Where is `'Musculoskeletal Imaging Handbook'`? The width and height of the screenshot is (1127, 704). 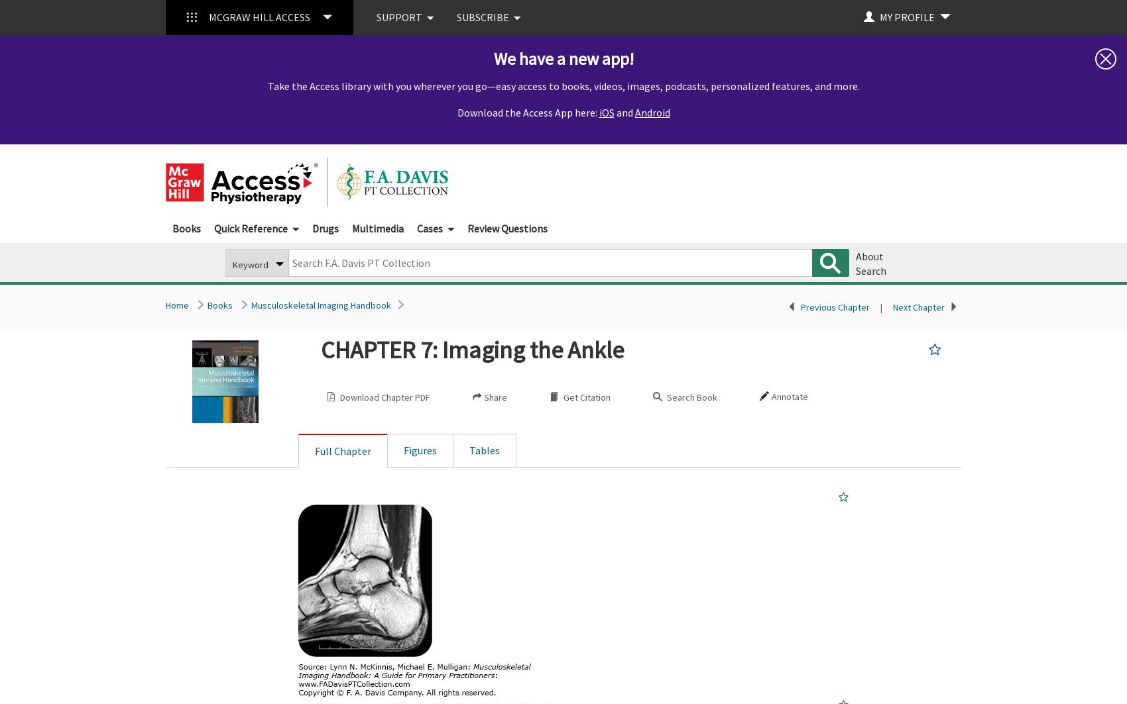
'Musculoskeletal Imaging Handbook' is located at coordinates (321, 305).